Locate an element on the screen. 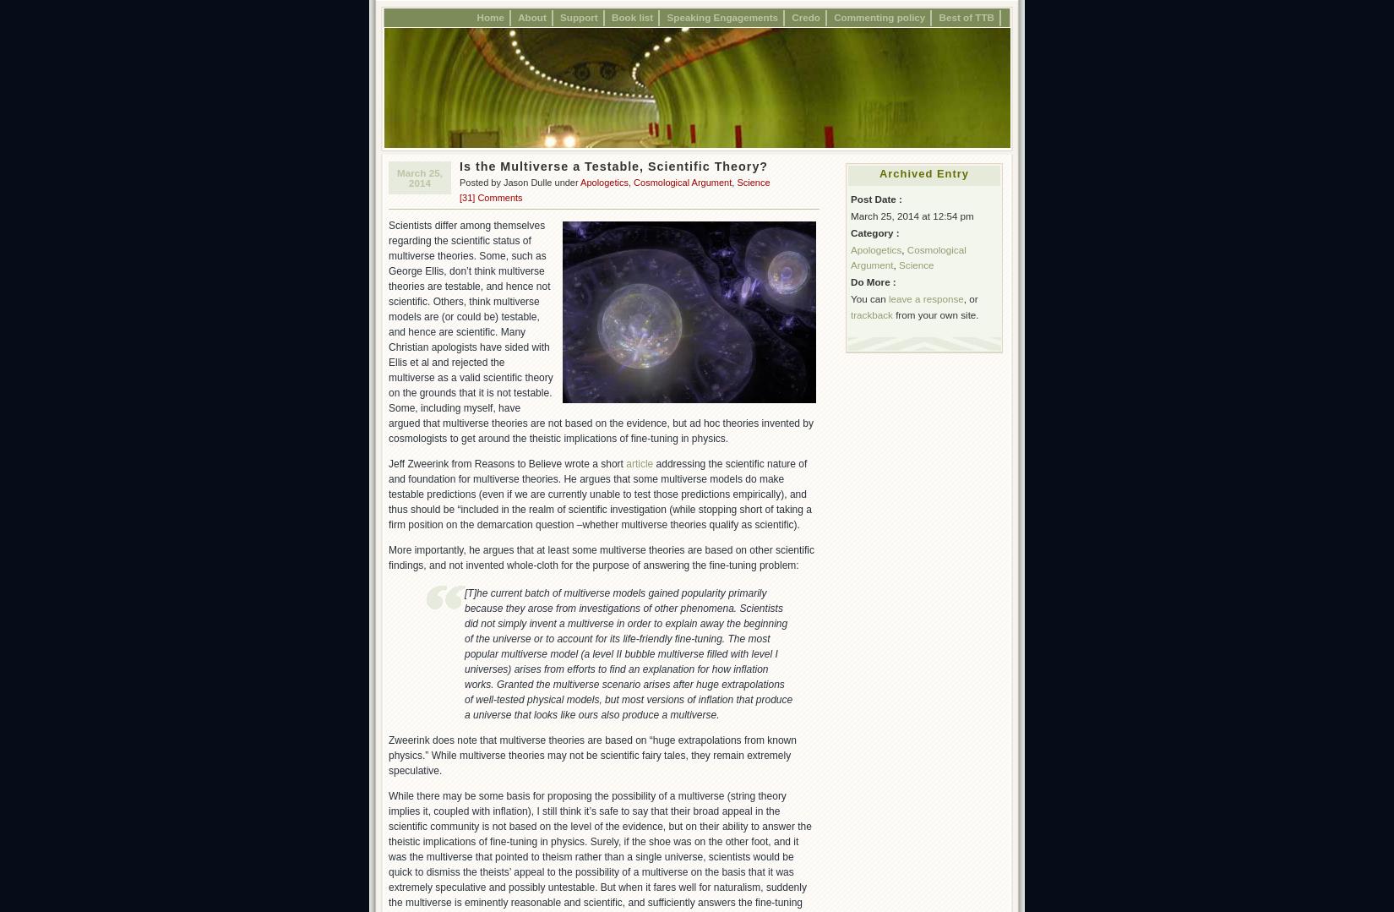 The width and height of the screenshot is (1394, 912). 'Post Date :' is located at coordinates (850, 197).